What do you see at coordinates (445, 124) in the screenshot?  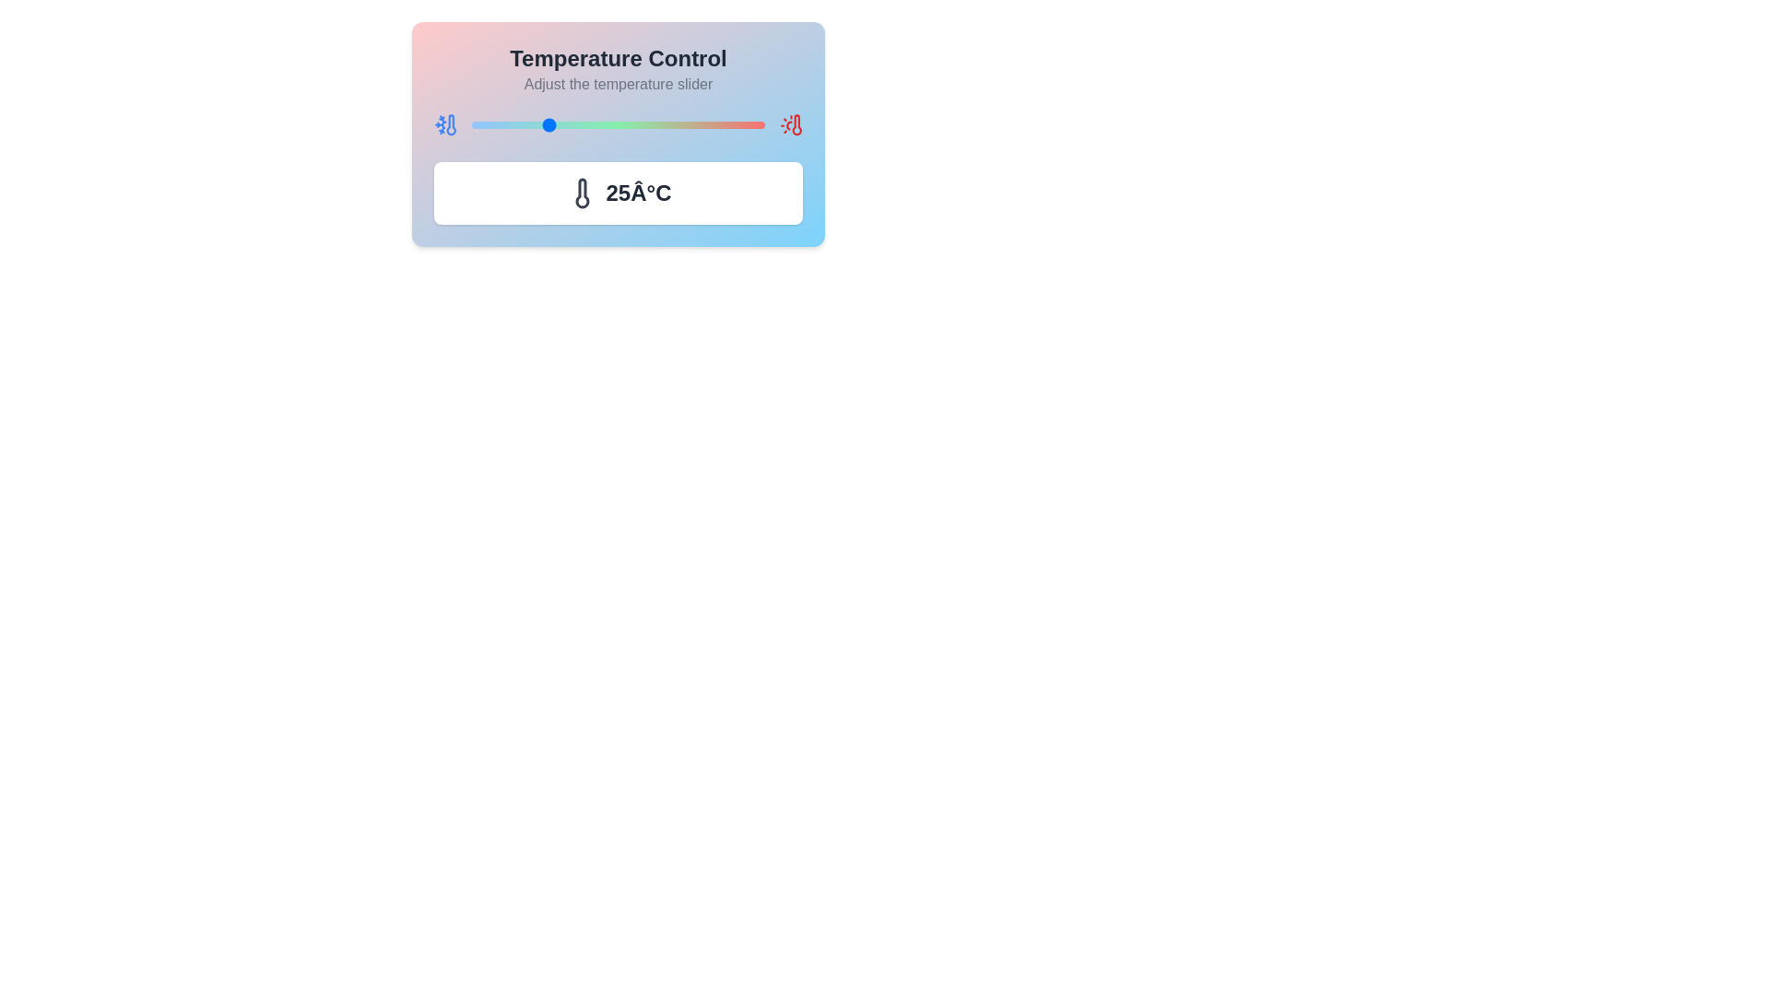 I see `the thermometer icon on the left side of the slider` at bounding box center [445, 124].